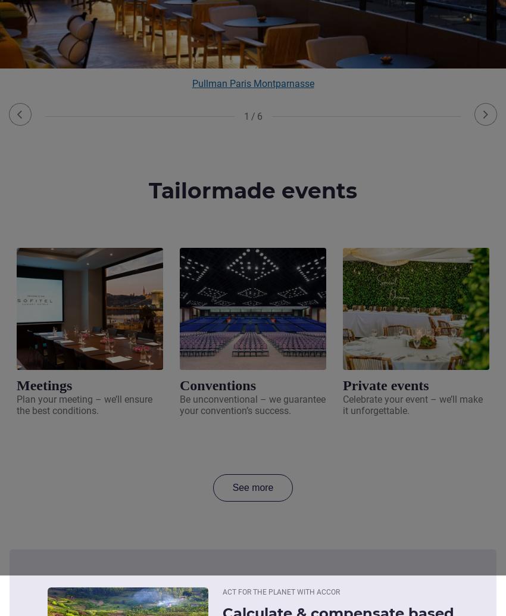  I want to click on 'Tailormade events', so click(253, 190).